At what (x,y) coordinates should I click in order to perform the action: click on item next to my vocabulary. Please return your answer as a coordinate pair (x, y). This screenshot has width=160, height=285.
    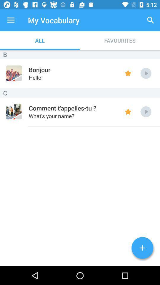
    Looking at the image, I should click on (151, 20).